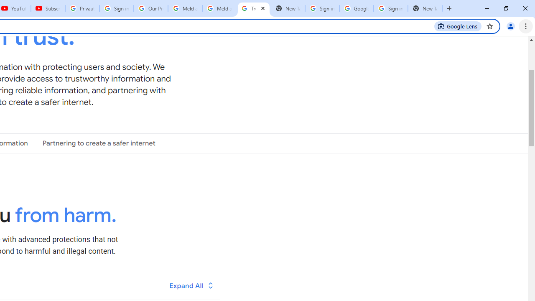 Image resolution: width=535 pixels, height=301 pixels. Describe the element at coordinates (390, 8) in the screenshot. I see `'Sign in - Google Accounts'` at that location.